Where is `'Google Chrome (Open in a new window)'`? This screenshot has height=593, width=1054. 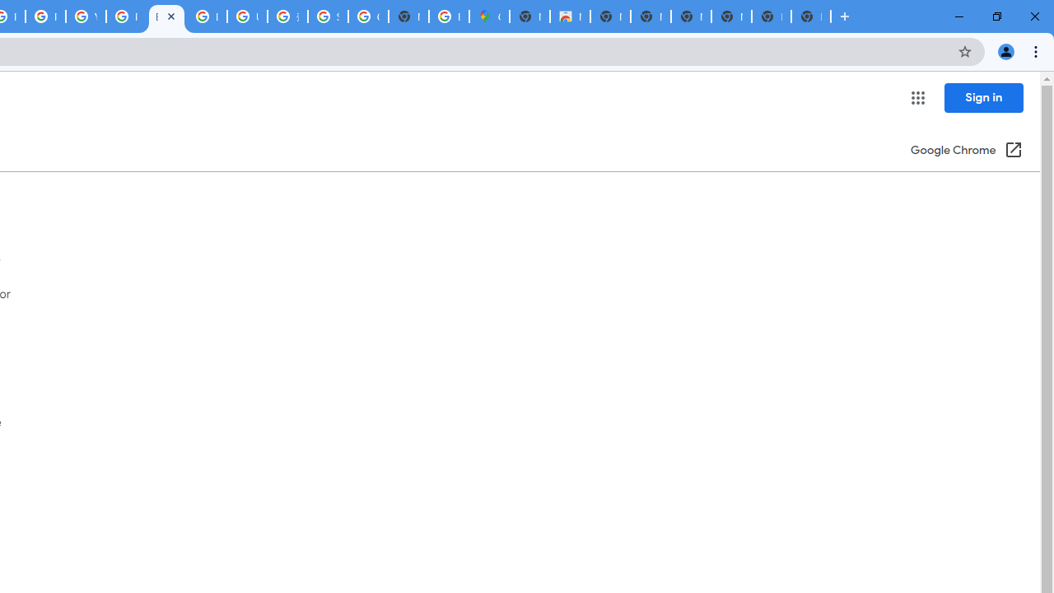
'Google Chrome (Open in a new window)' is located at coordinates (966, 151).